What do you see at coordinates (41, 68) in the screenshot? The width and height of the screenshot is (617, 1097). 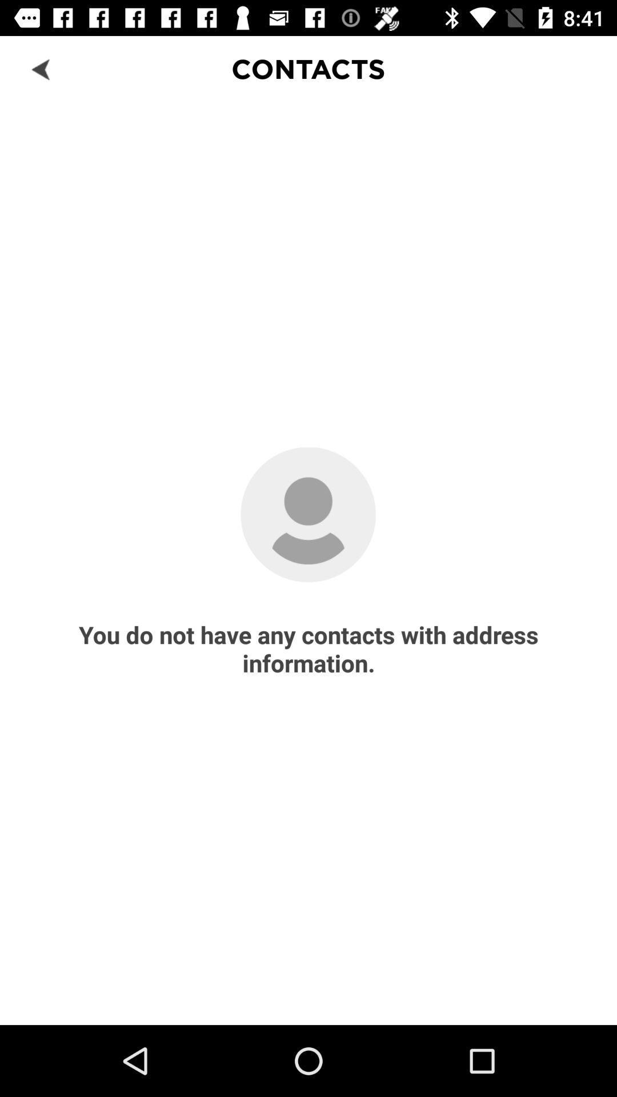 I see `go back` at bounding box center [41, 68].